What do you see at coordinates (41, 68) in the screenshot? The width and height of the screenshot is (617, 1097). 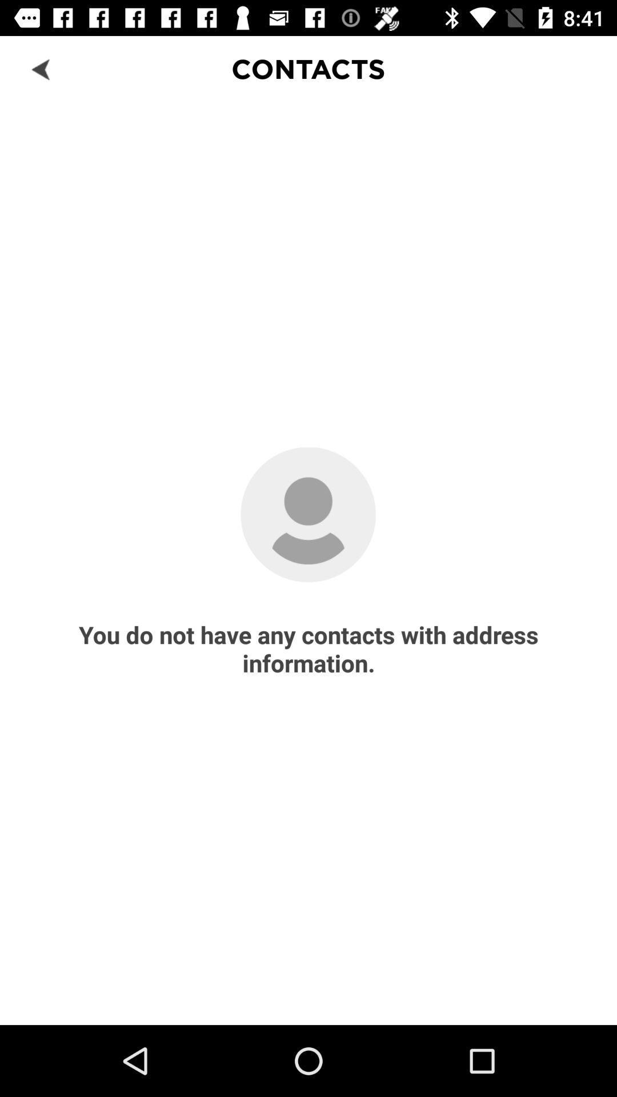 I see `go back` at bounding box center [41, 68].